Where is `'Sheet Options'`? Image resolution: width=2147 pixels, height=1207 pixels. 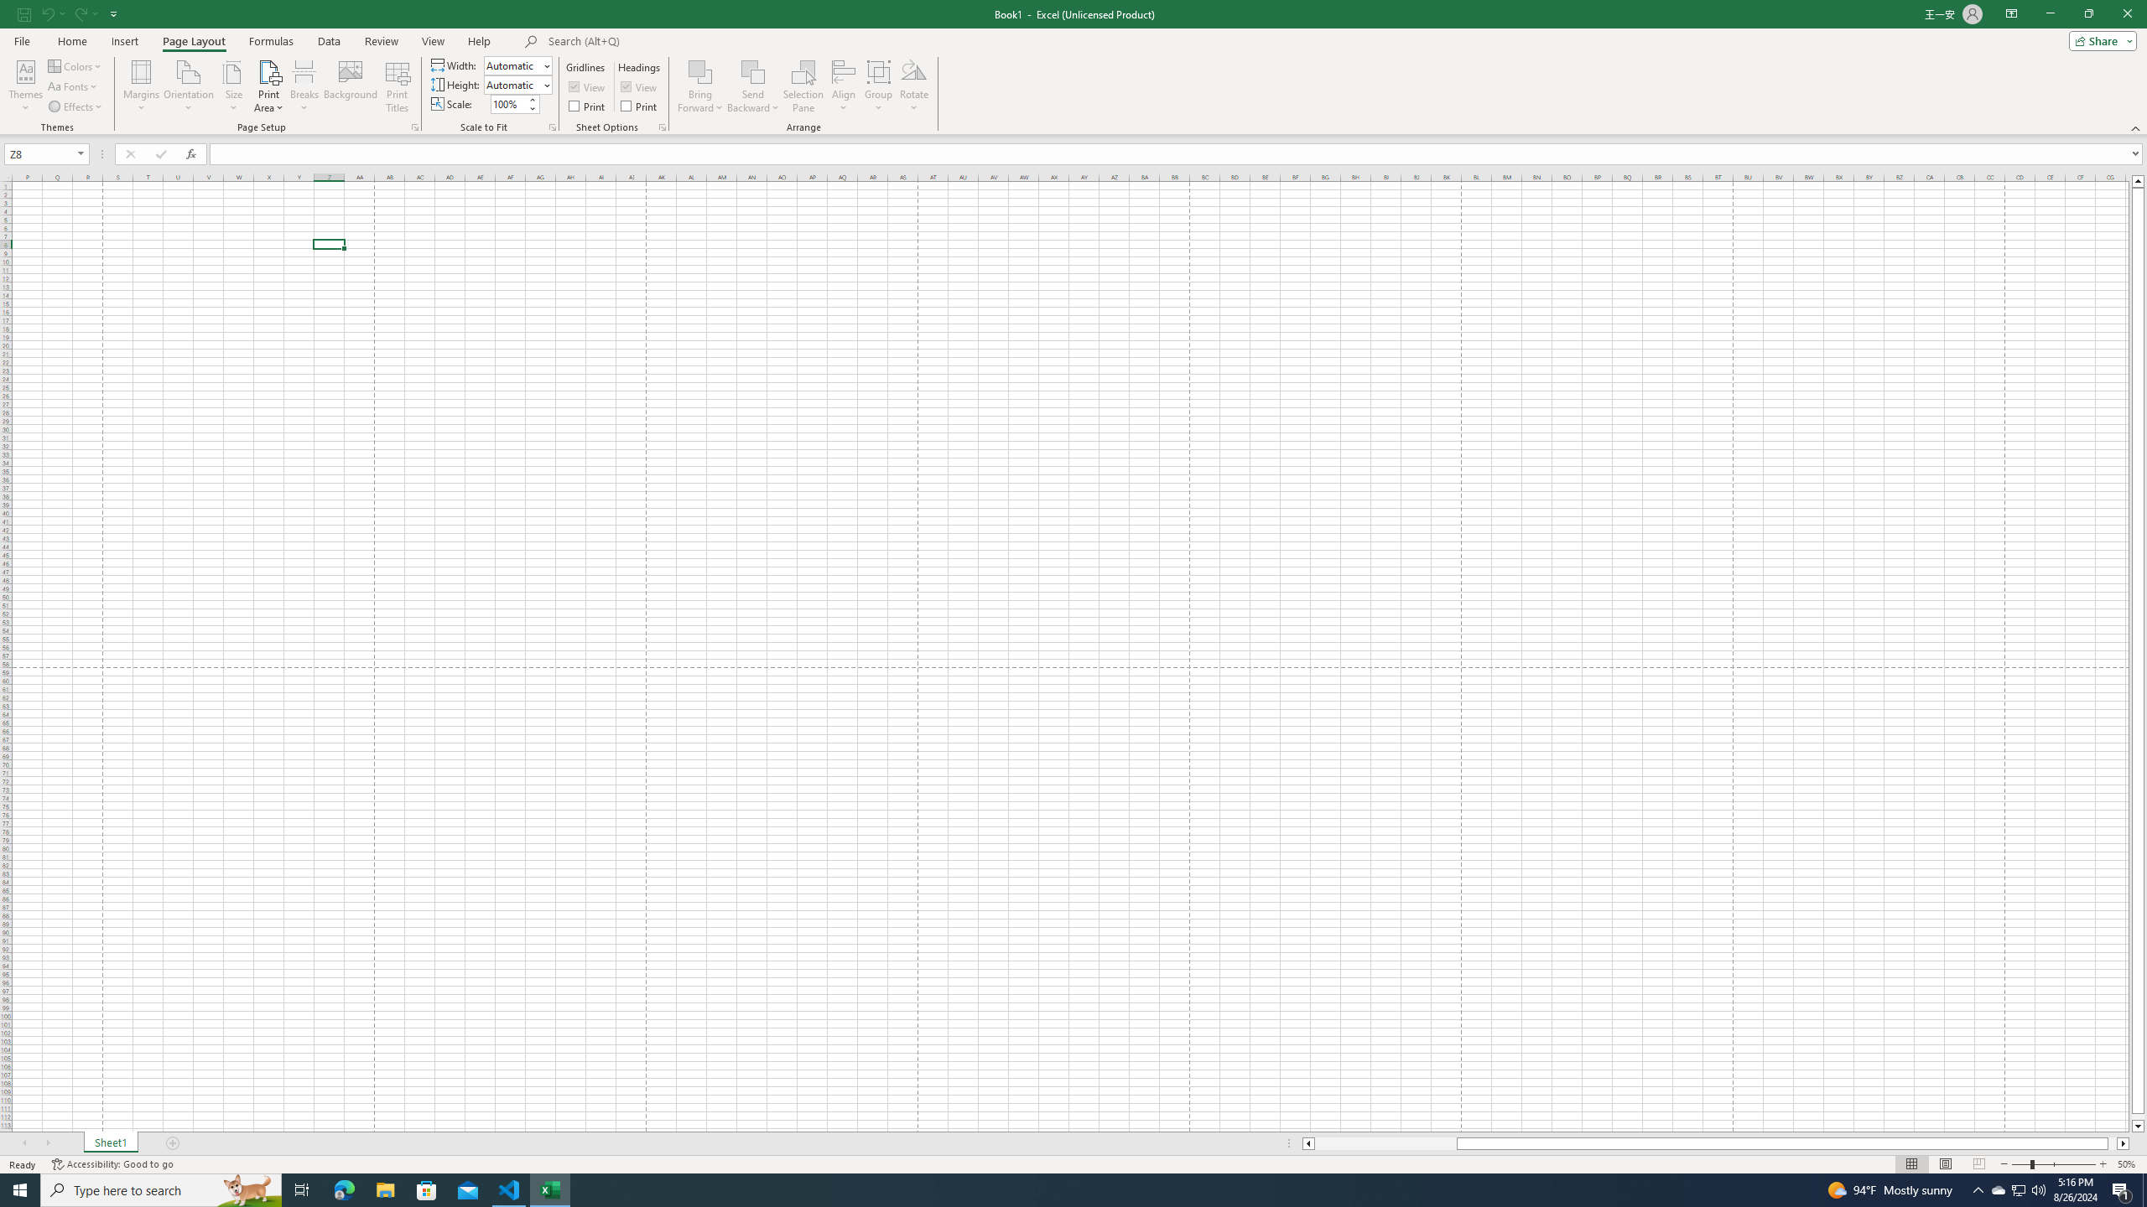
'Sheet Options' is located at coordinates (661, 126).